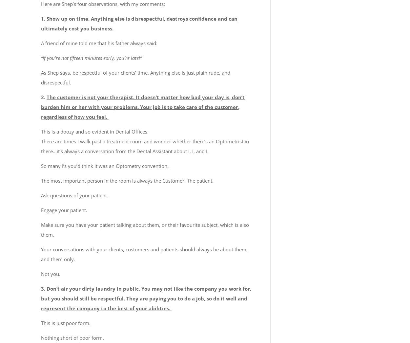  I want to click on '“If you’re not fifteen minutes early, you’re late!”', so click(91, 57).